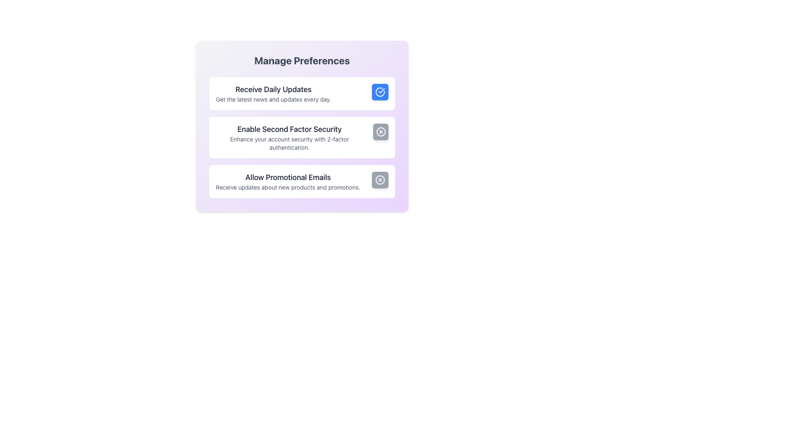 The height and width of the screenshot is (448, 797). Describe the element at coordinates (302, 60) in the screenshot. I see `the Header or Title Label that serves as the introduction for the features listed below it, positioned at the top center of the box` at that location.